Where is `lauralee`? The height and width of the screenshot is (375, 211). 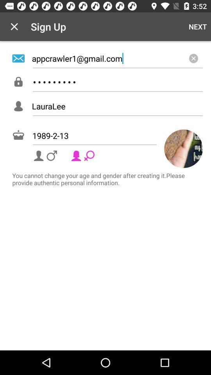 lauralee is located at coordinates (117, 105).